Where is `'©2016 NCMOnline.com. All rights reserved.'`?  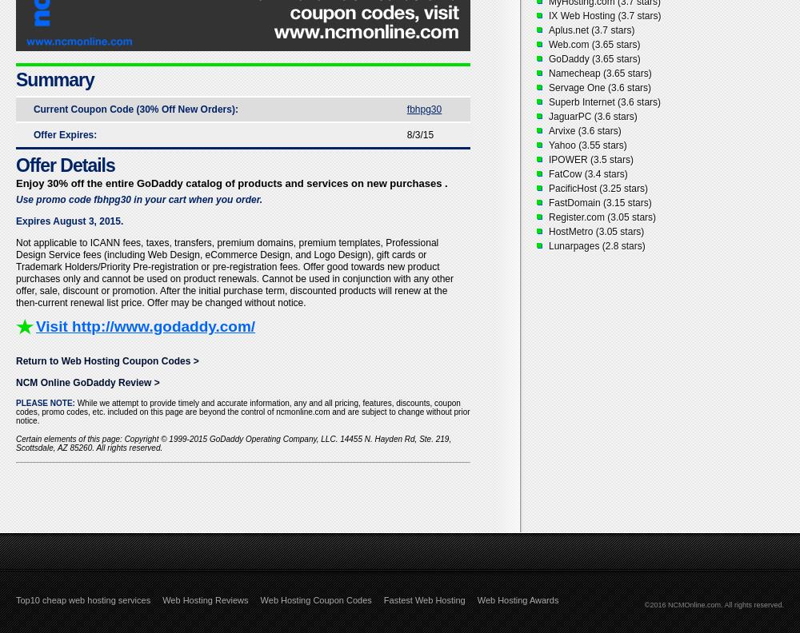 '©2016 NCMOnline.com. All rights reserved.' is located at coordinates (714, 604).